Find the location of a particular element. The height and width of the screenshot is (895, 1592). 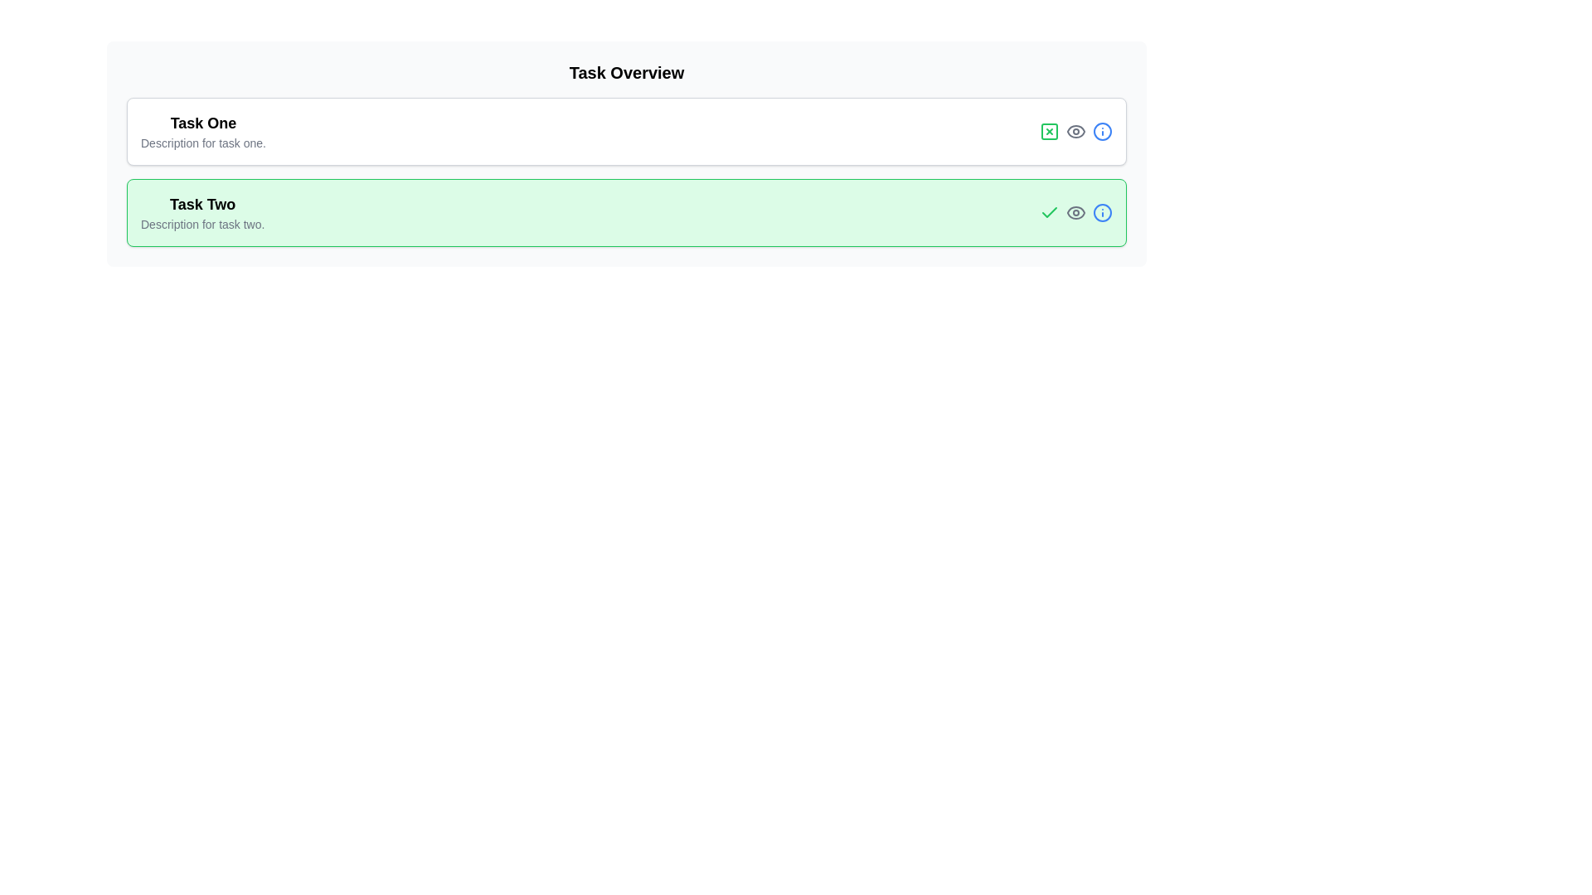

the informational icon button located on the right side of the task row labeled 'Task One' is located at coordinates (1102, 130).